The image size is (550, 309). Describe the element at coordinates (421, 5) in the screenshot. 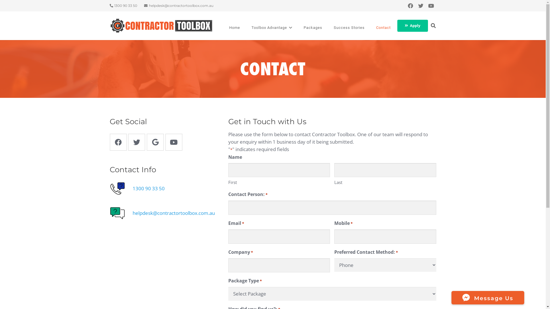

I see `'Twitter'` at that location.